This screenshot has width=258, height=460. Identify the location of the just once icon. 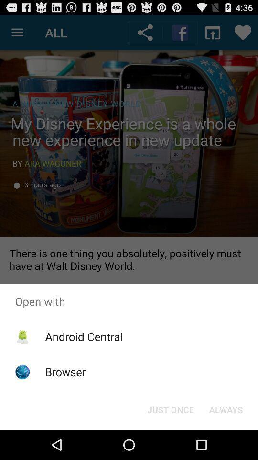
(170, 409).